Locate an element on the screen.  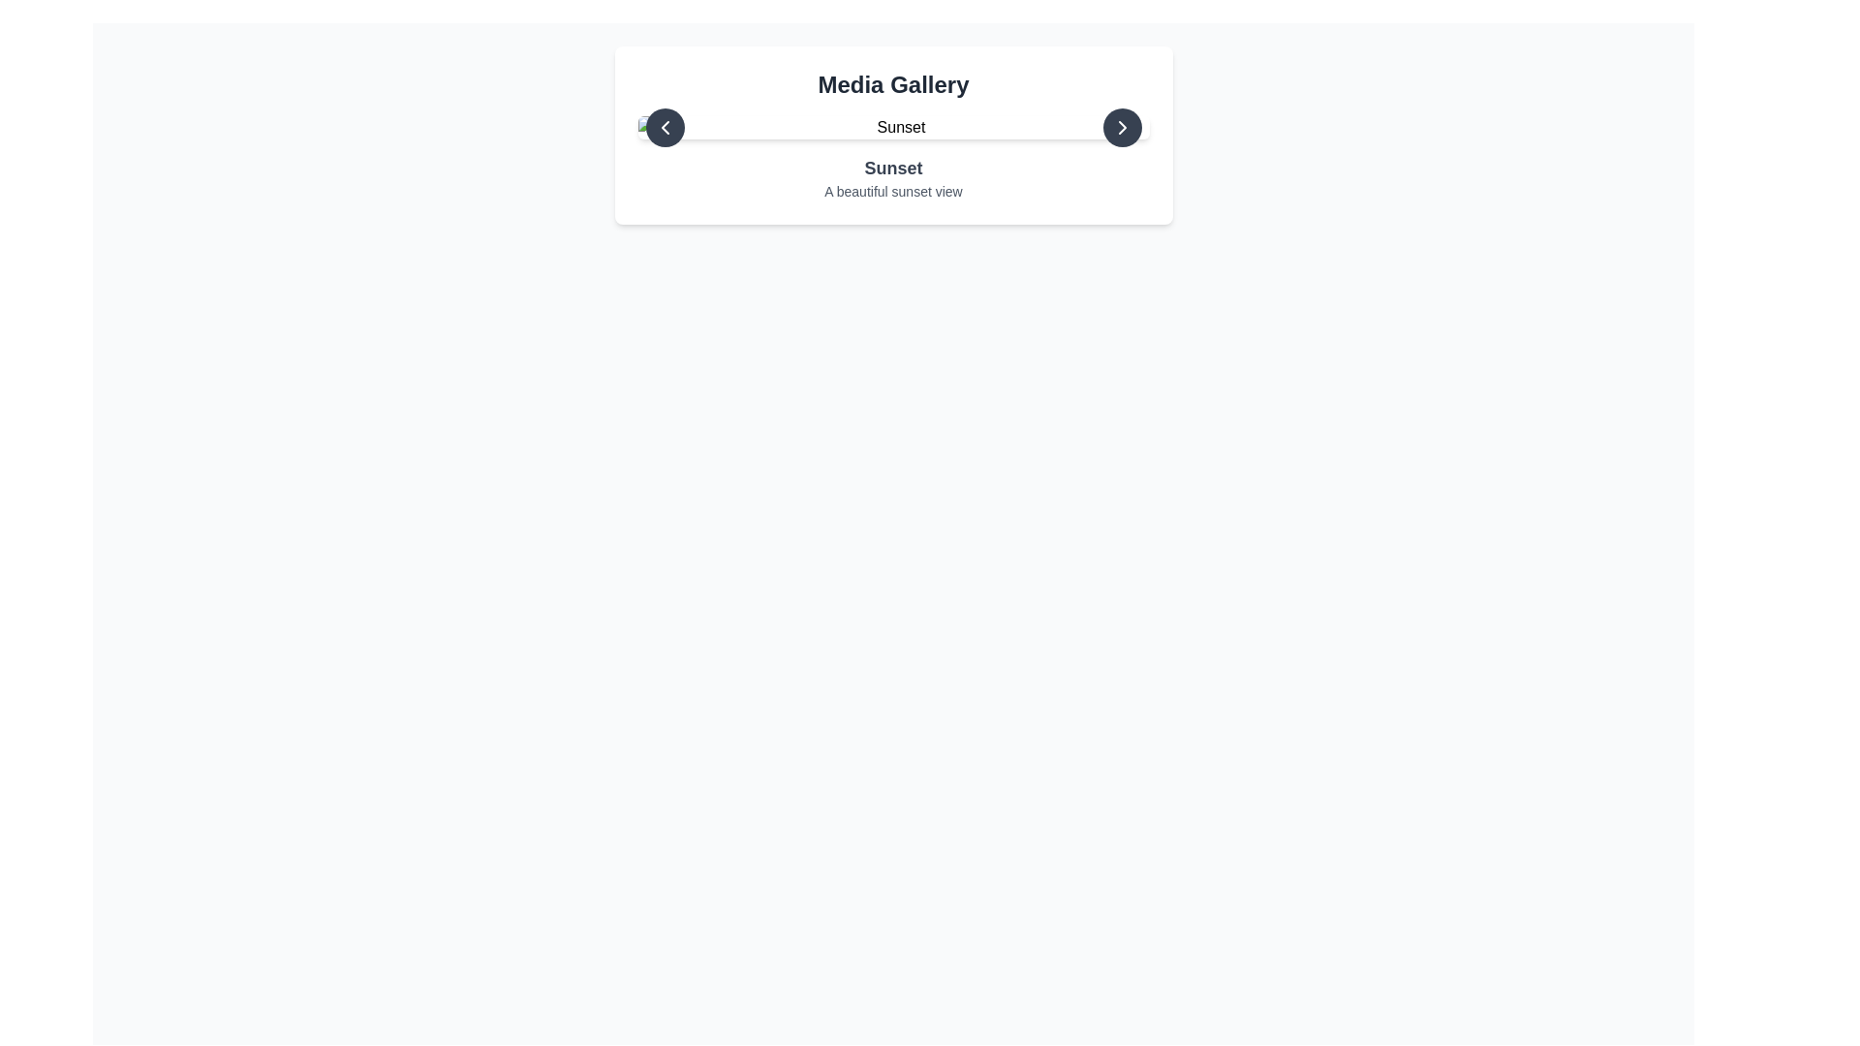
the navigation button located on the left side of the media gallery is located at coordinates (665, 127).